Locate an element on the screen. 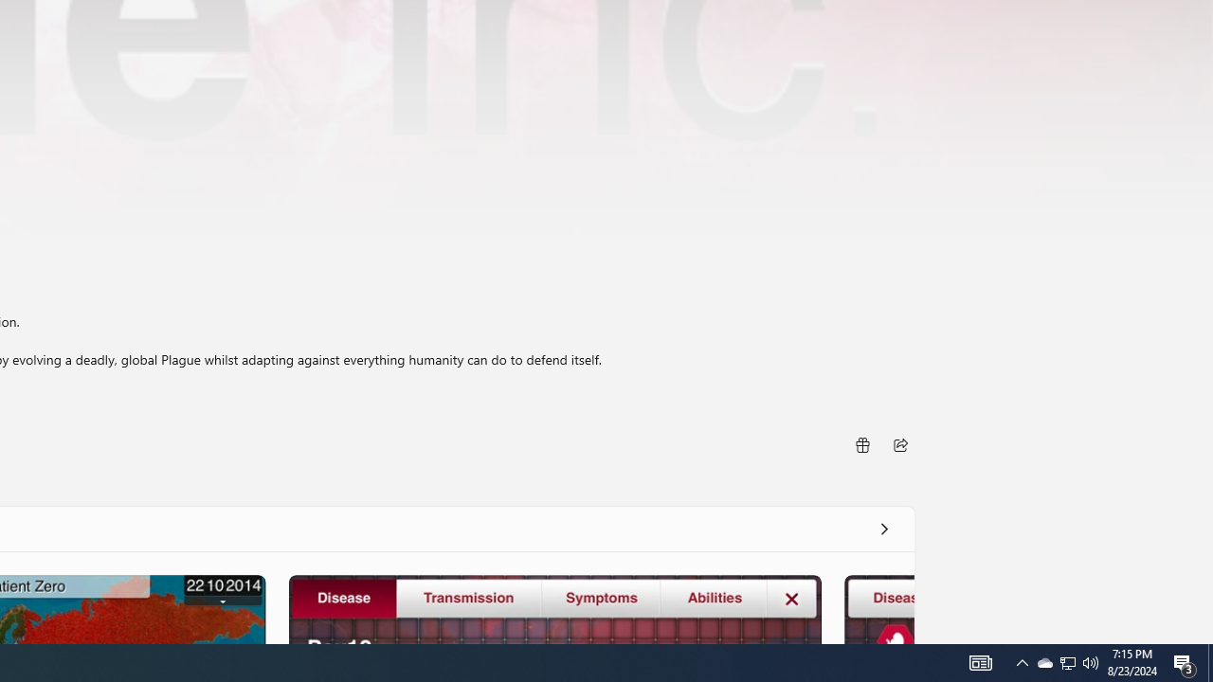 The image size is (1213, 682). 'Buy as gift' is located at coordinates (860, 444).